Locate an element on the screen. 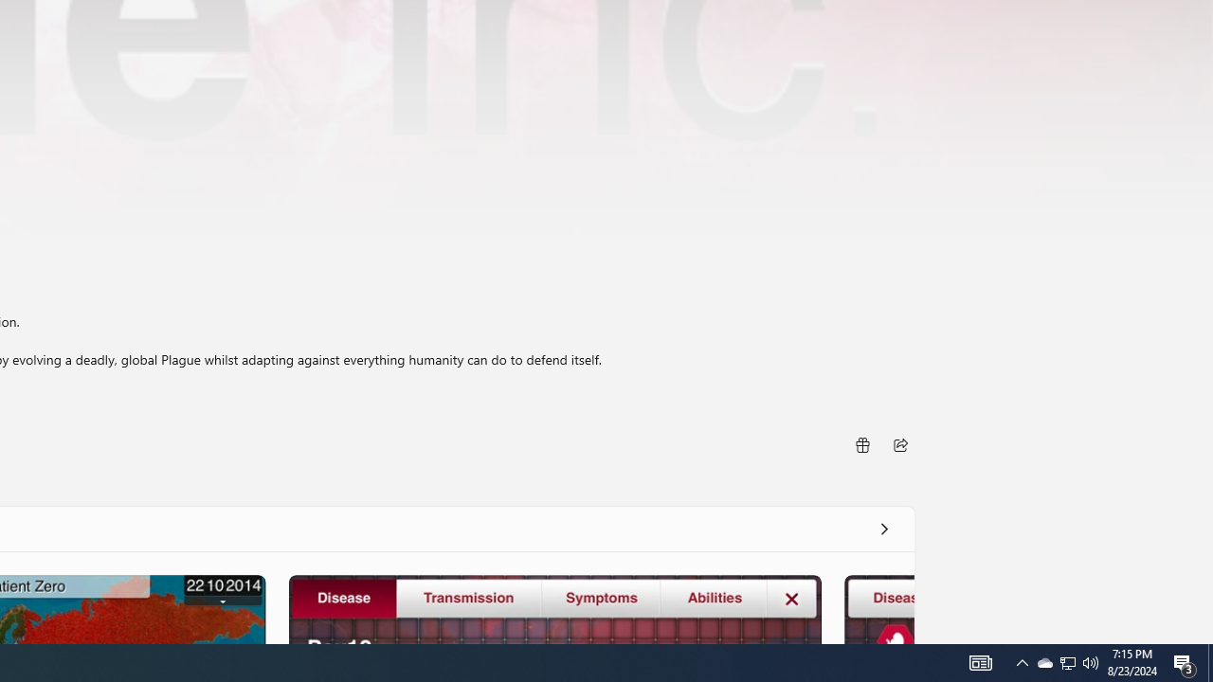 The image size is (1213, 682). 'Buy as gift' is located at coordinates (860, 444).